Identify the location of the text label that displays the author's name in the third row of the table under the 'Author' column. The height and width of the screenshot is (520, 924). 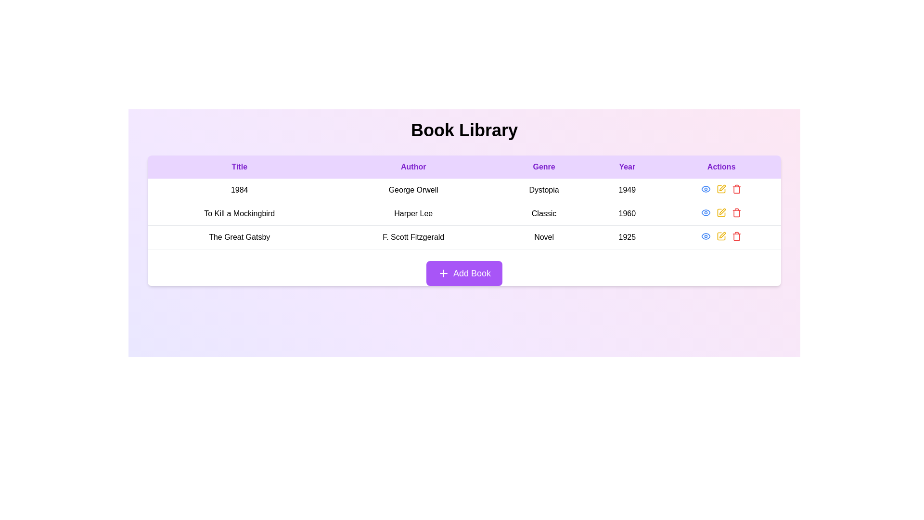
(413, 237).